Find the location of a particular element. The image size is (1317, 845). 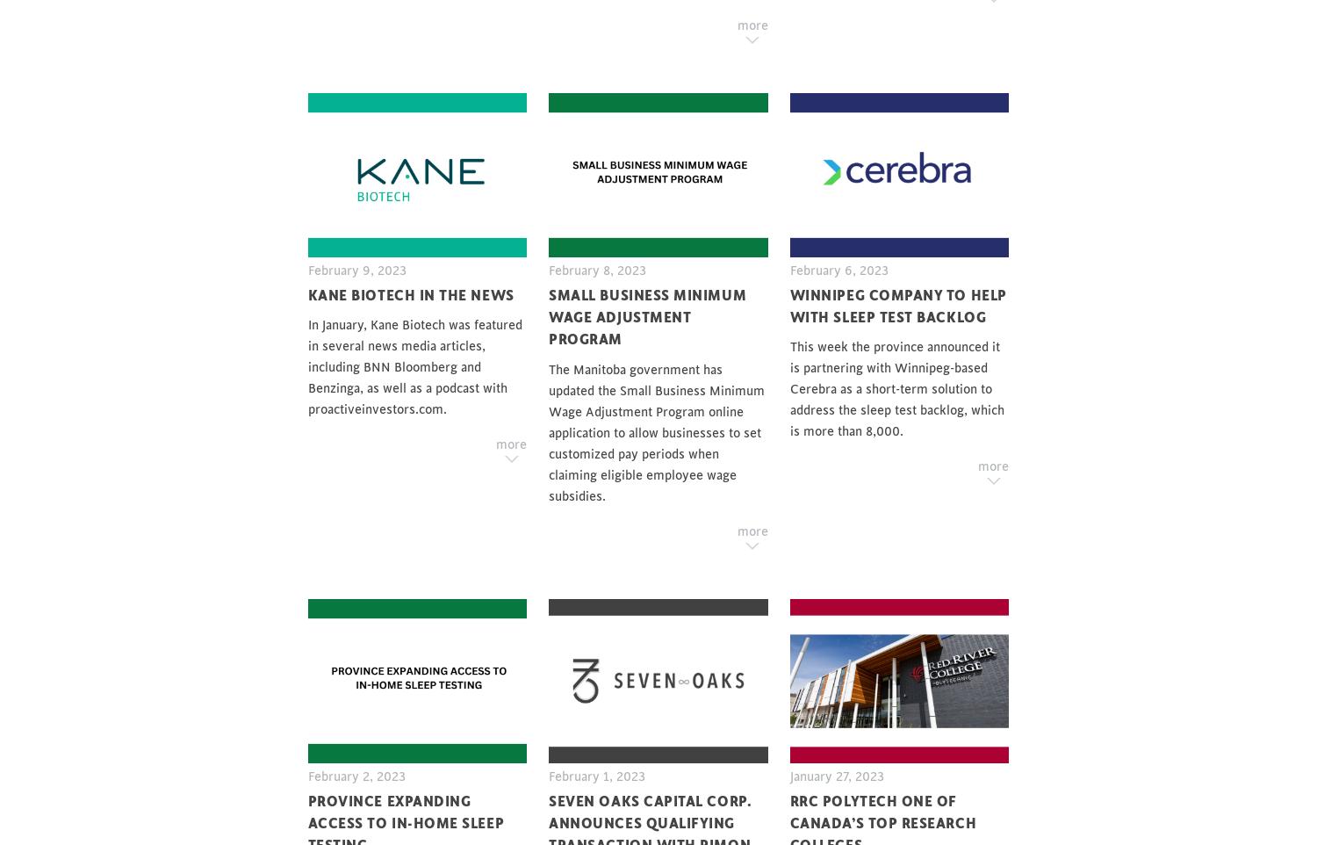

'February 6, 2023' is located at coordinates (838, 270).